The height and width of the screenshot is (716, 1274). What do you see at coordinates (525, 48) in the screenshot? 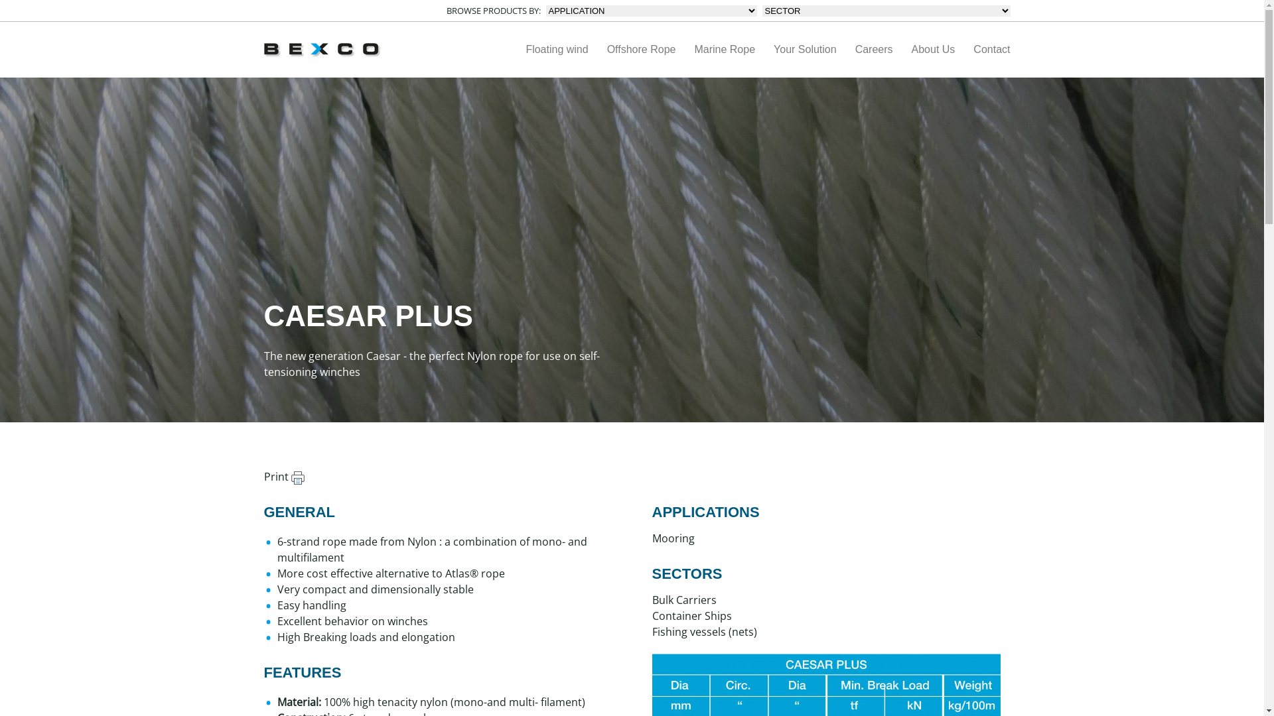
I see `'Floating wind'` at bounding box center [525, 48].